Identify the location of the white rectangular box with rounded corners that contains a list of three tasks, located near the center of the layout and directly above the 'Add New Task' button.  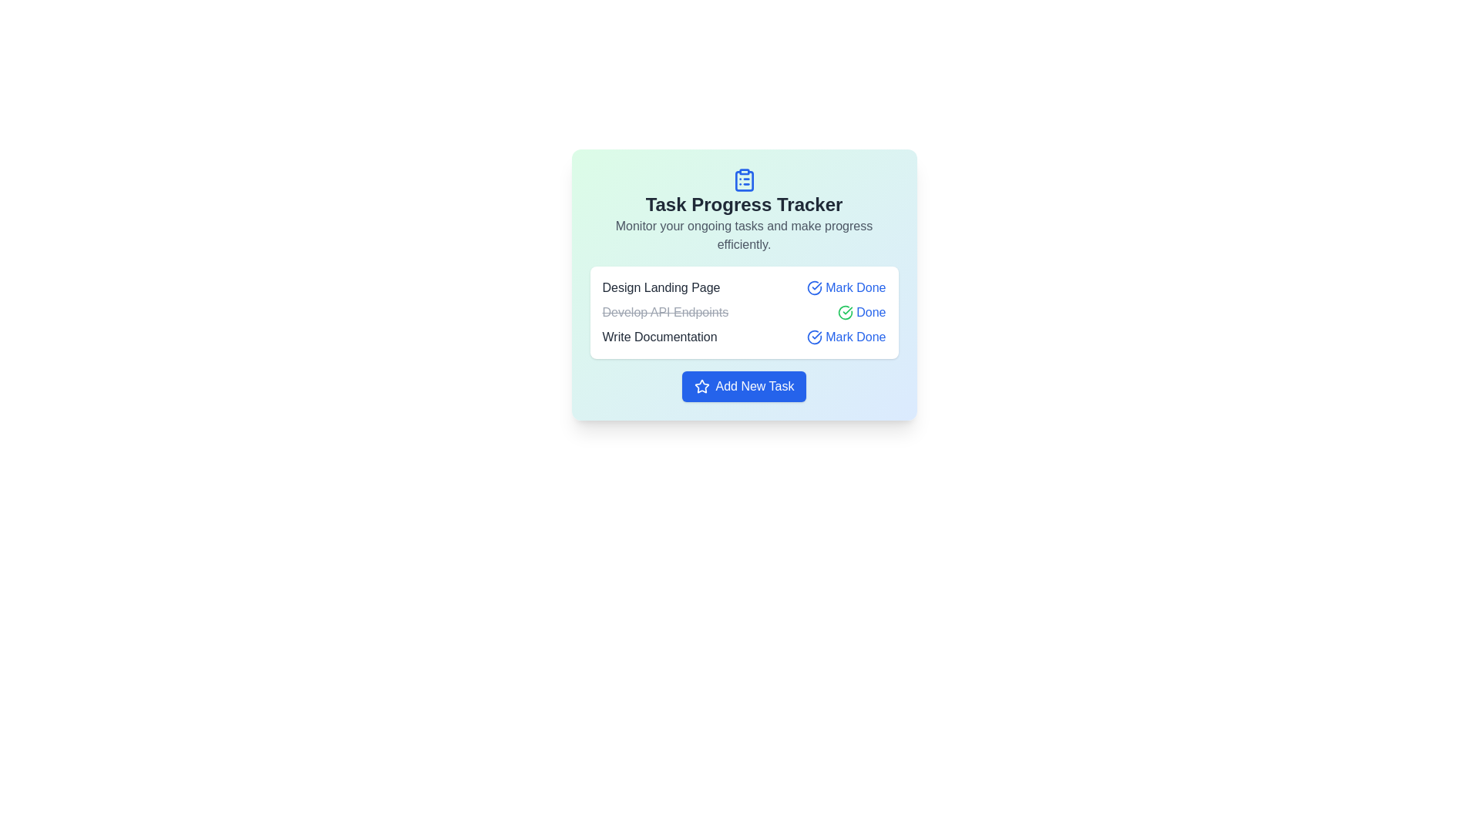
(744, 312).